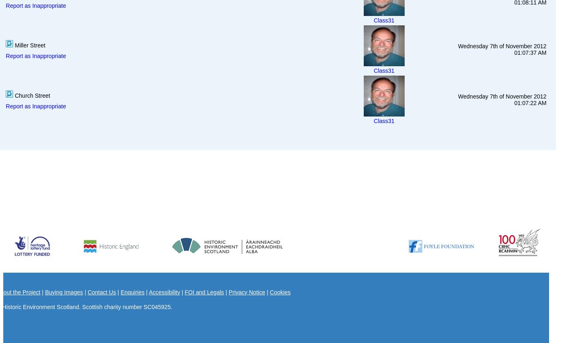 The height and width of the screenshot is (343, 563). I want to click on 'Miller Street', so click(13, 45).